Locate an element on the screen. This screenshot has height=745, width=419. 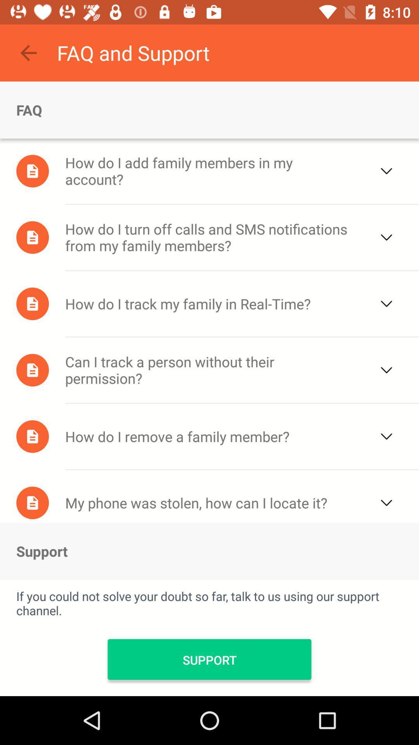
the item above faq item is located at coordinates (28, 52).